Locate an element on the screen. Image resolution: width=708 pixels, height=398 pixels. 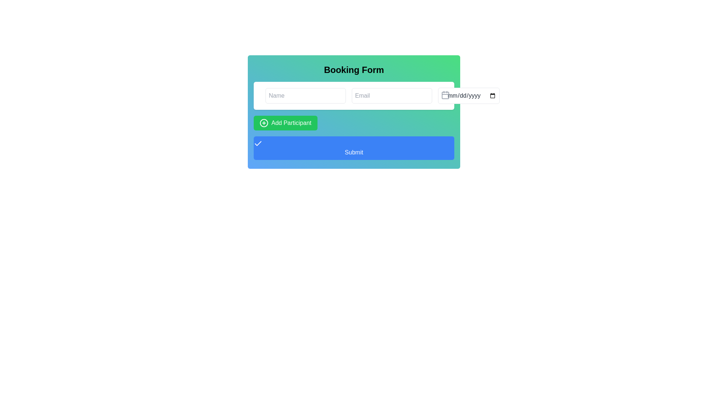
a date from the calendar popup using the Date Input Field, which is the third field in the form, located rightmost among the input fields, to the right of the 'Email' field is located at coordinates (468, 95).